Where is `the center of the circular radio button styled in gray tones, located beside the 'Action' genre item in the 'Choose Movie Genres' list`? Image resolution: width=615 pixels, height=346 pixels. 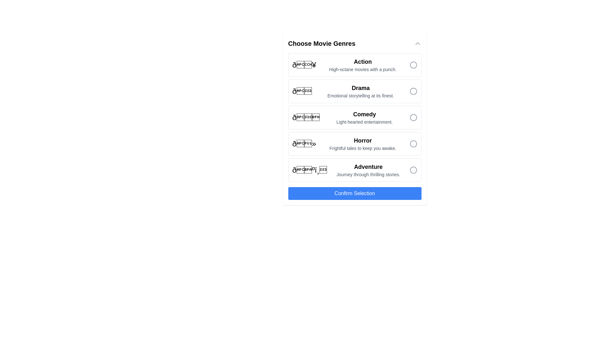
the center of the circular radio button styled in gray tones, located beside the 'Action' genre item in the 'Choose Movie Genres' list is located at coordinates (413, 65).